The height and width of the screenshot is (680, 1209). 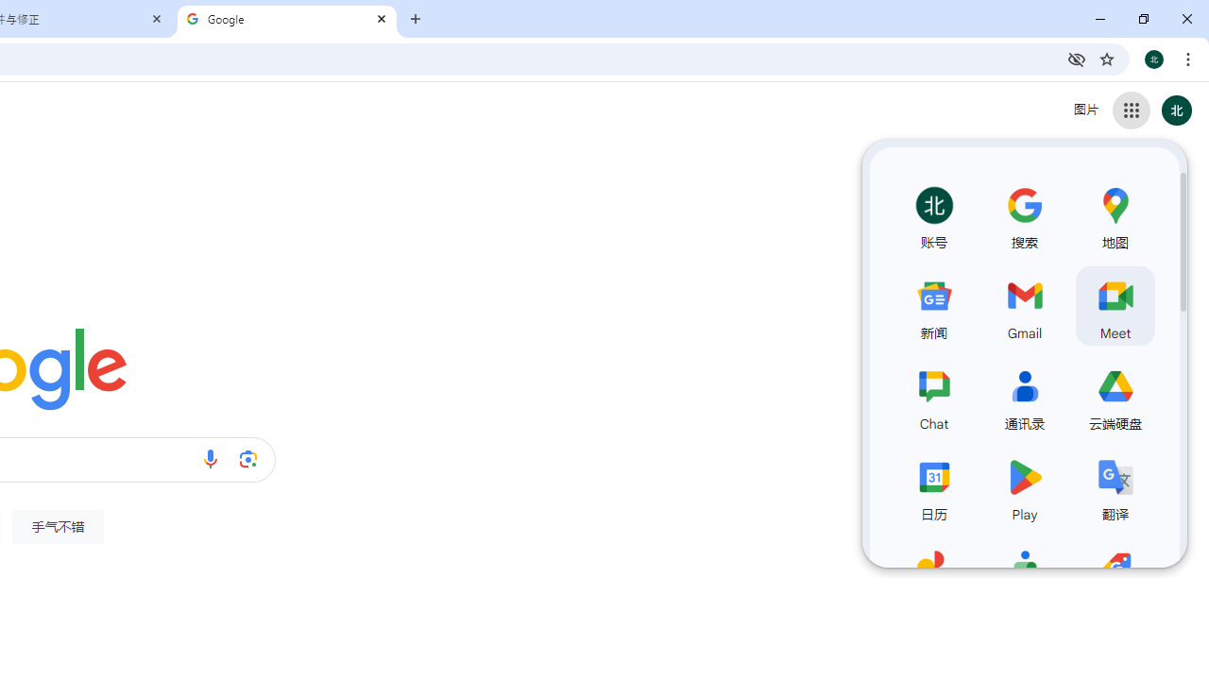 What do you see at coordinates (286, 19) in the screenshot?
I see `'Google'` at bounding box center [286, 19].